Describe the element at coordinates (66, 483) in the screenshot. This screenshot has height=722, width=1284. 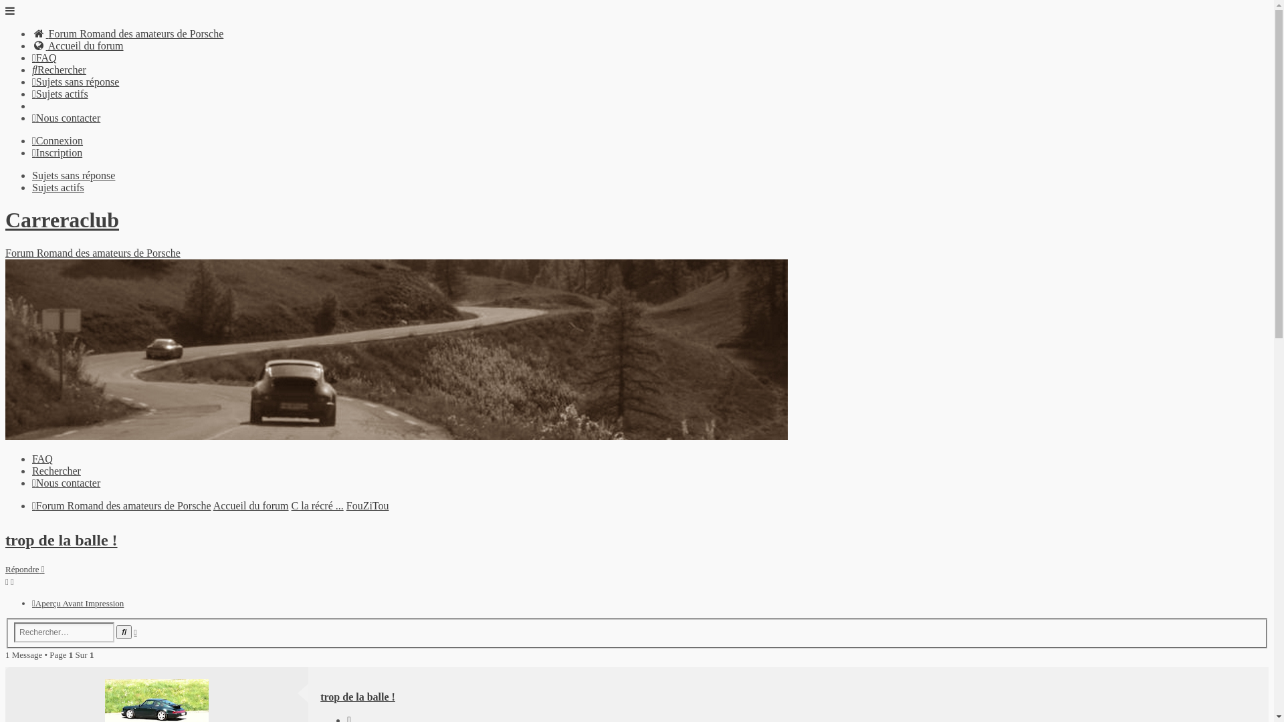
I see `'Nous contacter'` at that location.